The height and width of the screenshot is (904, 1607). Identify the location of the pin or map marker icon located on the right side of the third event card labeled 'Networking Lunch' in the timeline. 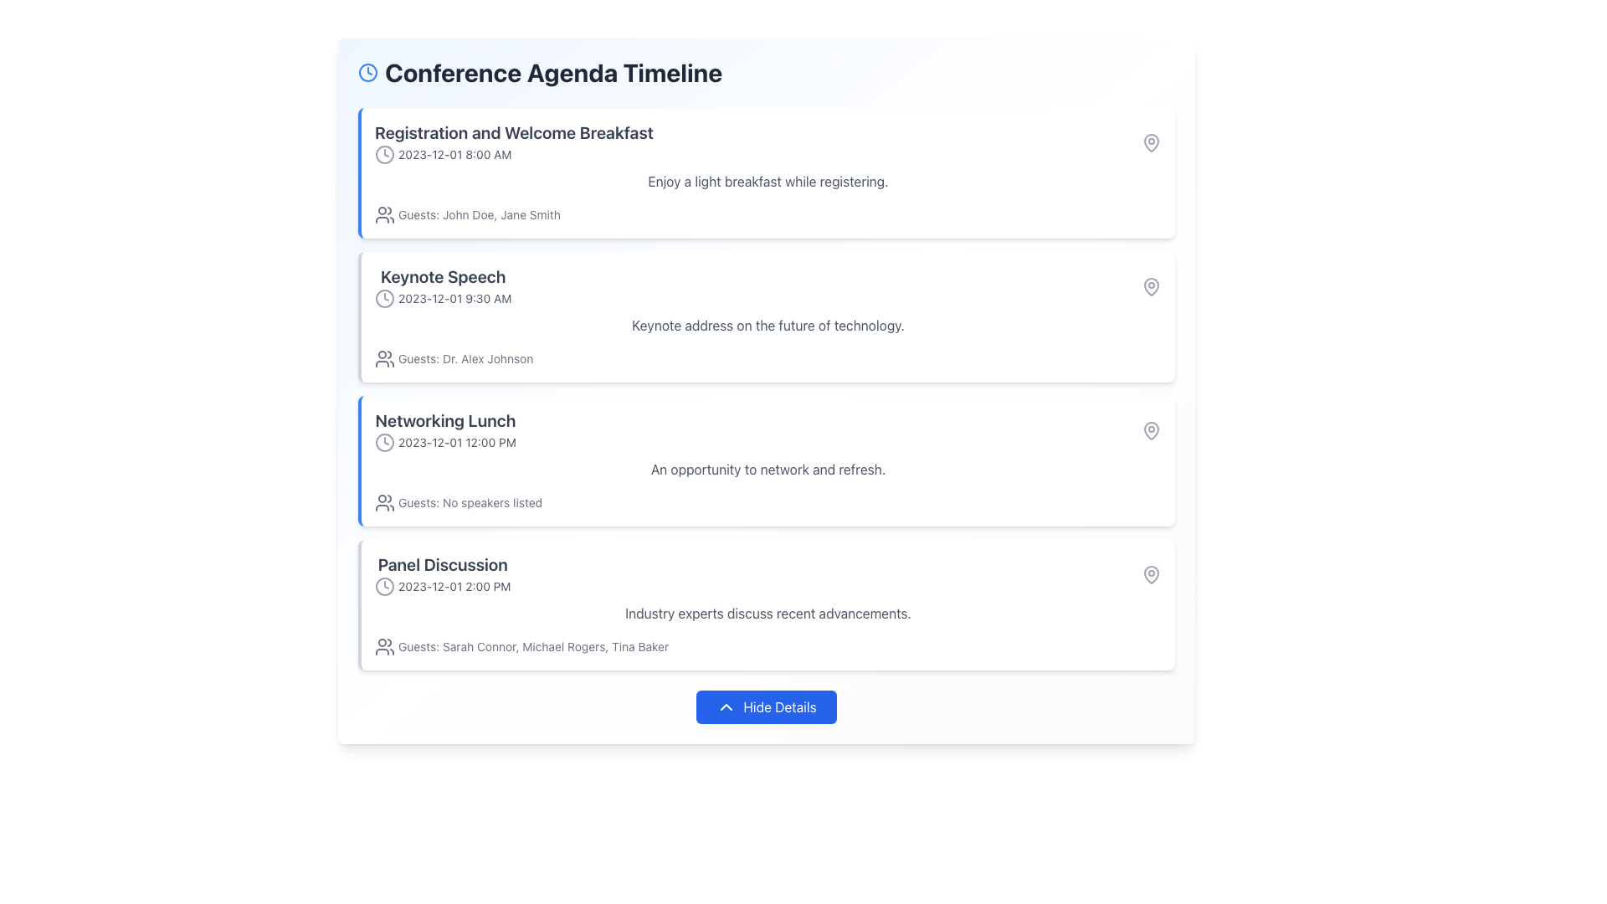
(1151, 429).